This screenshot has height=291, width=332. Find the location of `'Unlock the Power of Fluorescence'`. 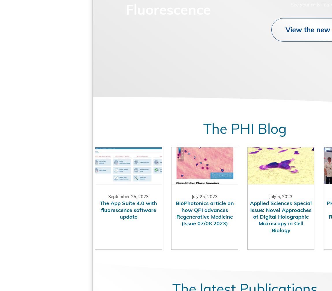

'Unlock the Power of Fluorescence' is located at coordinates (152, 30).